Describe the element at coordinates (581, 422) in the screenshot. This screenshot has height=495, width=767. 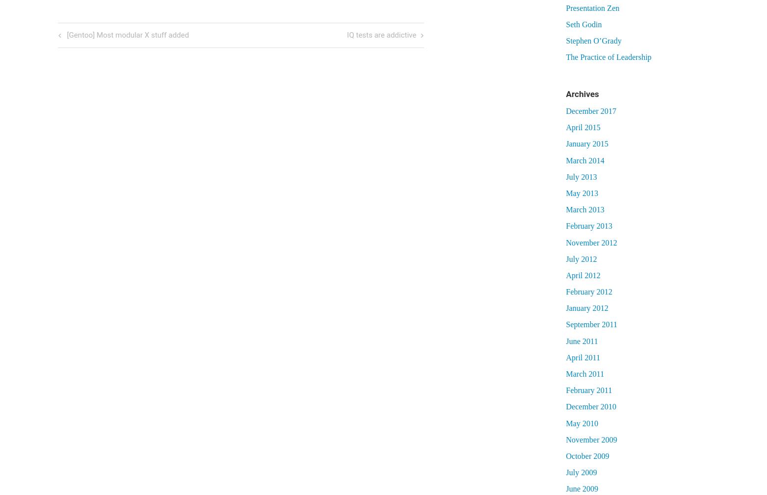
I see `'May 2010'` at that location.